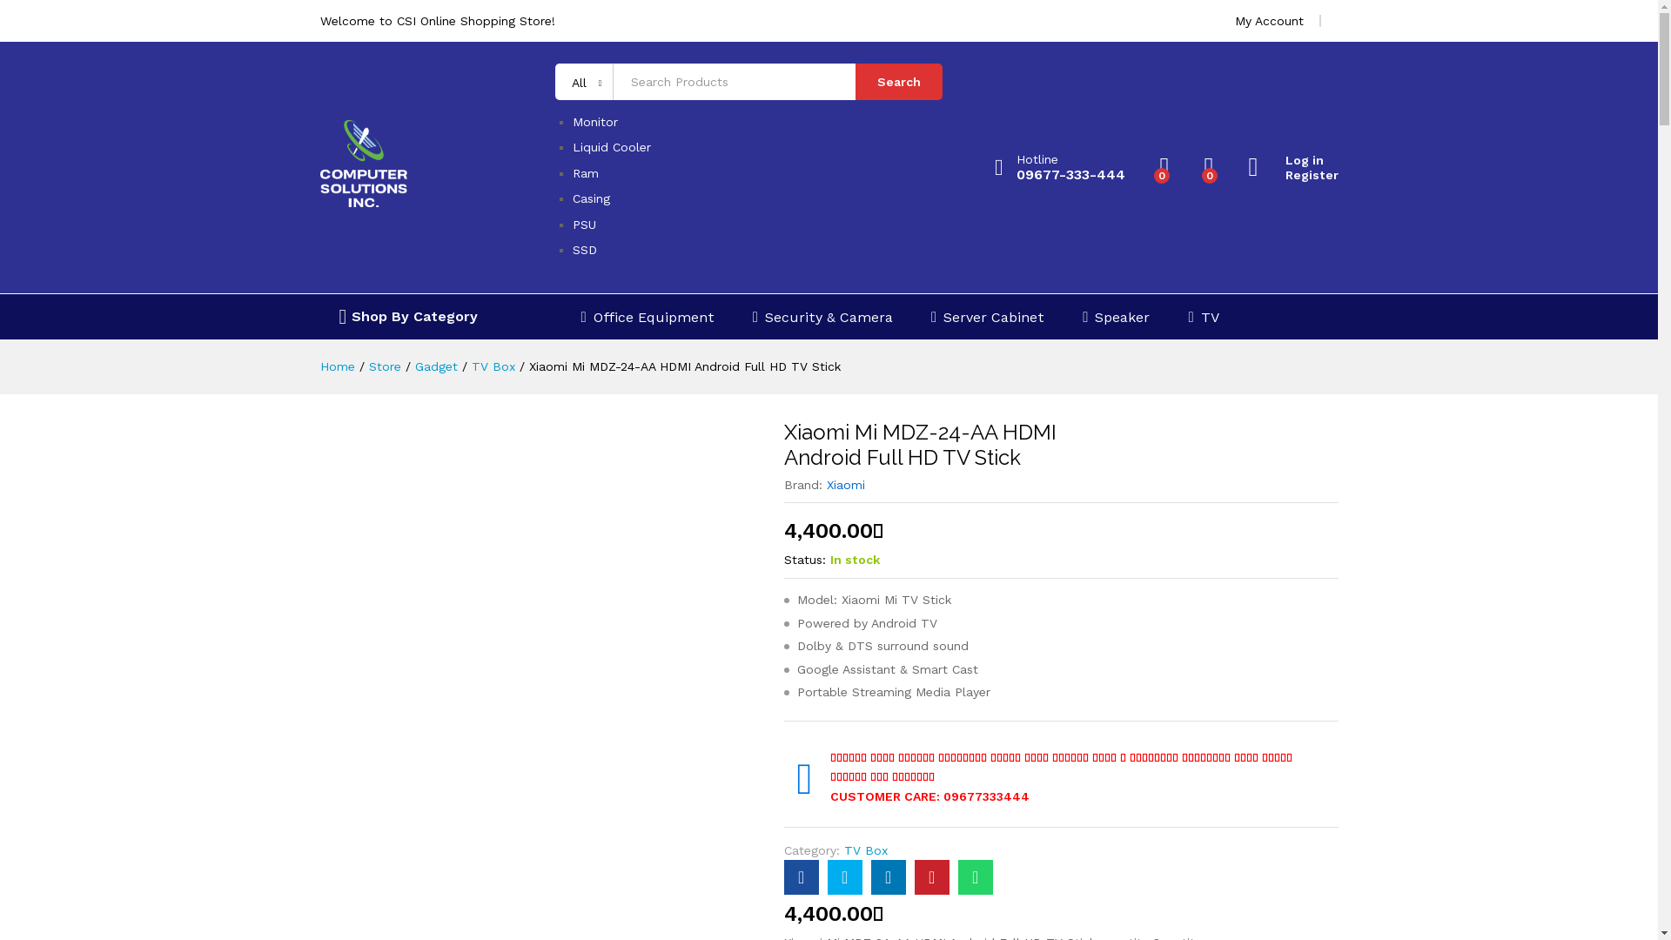  Describe the element at coordinates (994, 167) in the screenshot. I see `'Hotline` at that location.